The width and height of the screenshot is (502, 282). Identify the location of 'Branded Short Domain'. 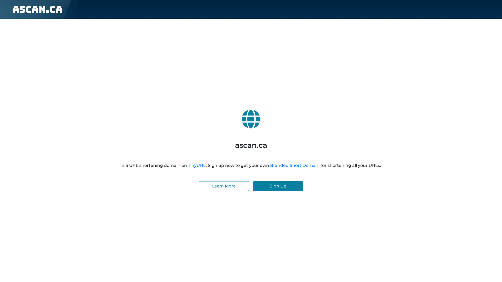
(294, 165).